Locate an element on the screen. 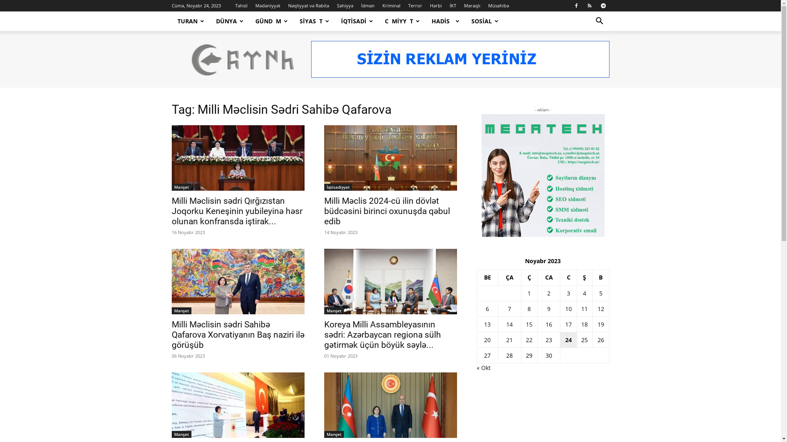 The height and width of the screenshot is (442, 787). '10' is located at coordinates (568, 309).